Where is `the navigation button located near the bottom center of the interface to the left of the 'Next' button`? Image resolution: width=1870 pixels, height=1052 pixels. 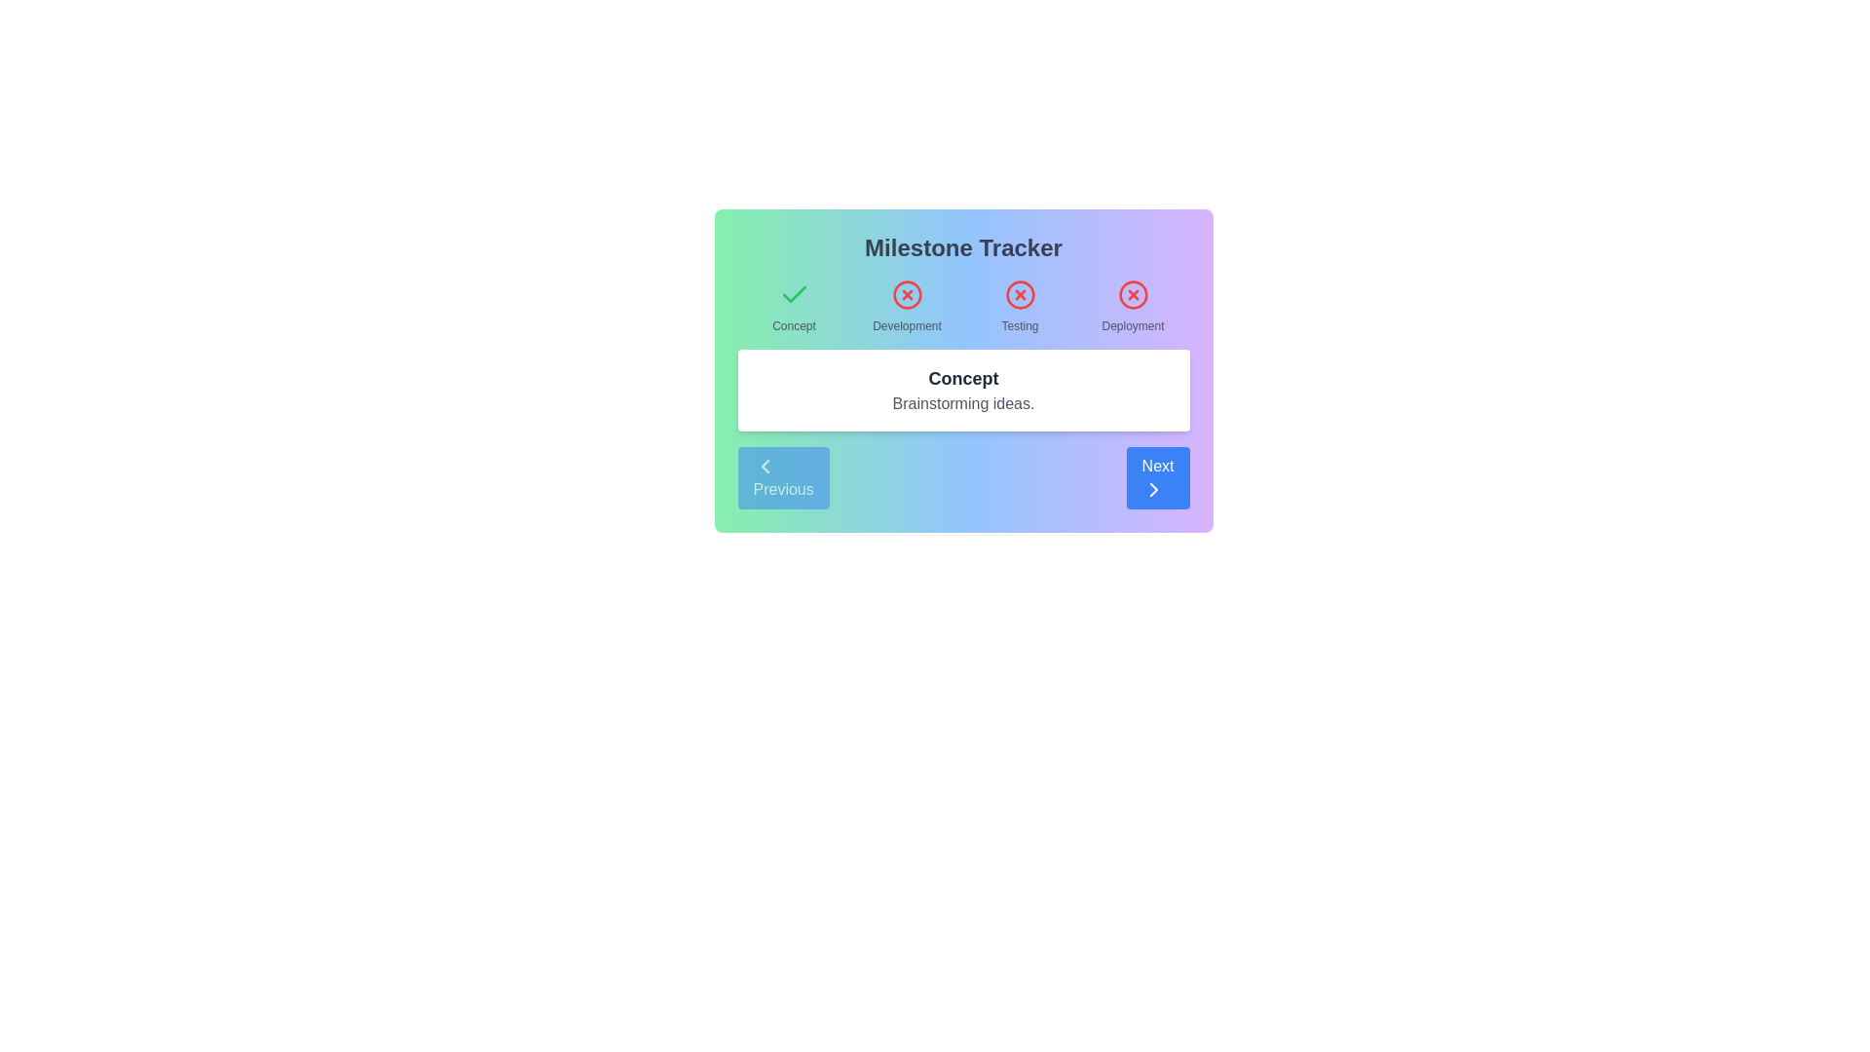
the navigation button located near the bottom center of the interface to the left of the 'Next' button is located at coordinates (783, 477).